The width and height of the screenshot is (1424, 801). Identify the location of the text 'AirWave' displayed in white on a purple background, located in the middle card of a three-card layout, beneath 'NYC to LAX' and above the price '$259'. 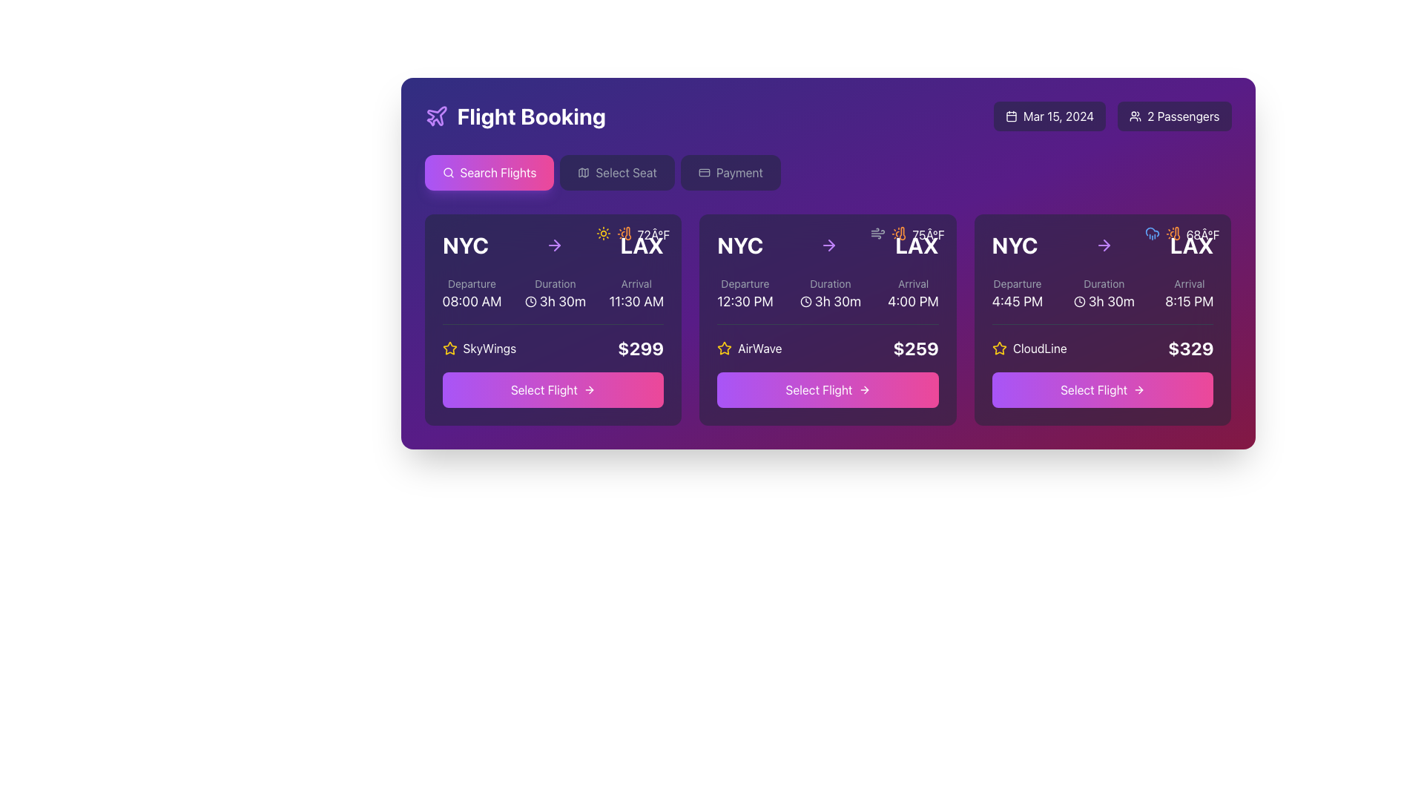
(759, 349).